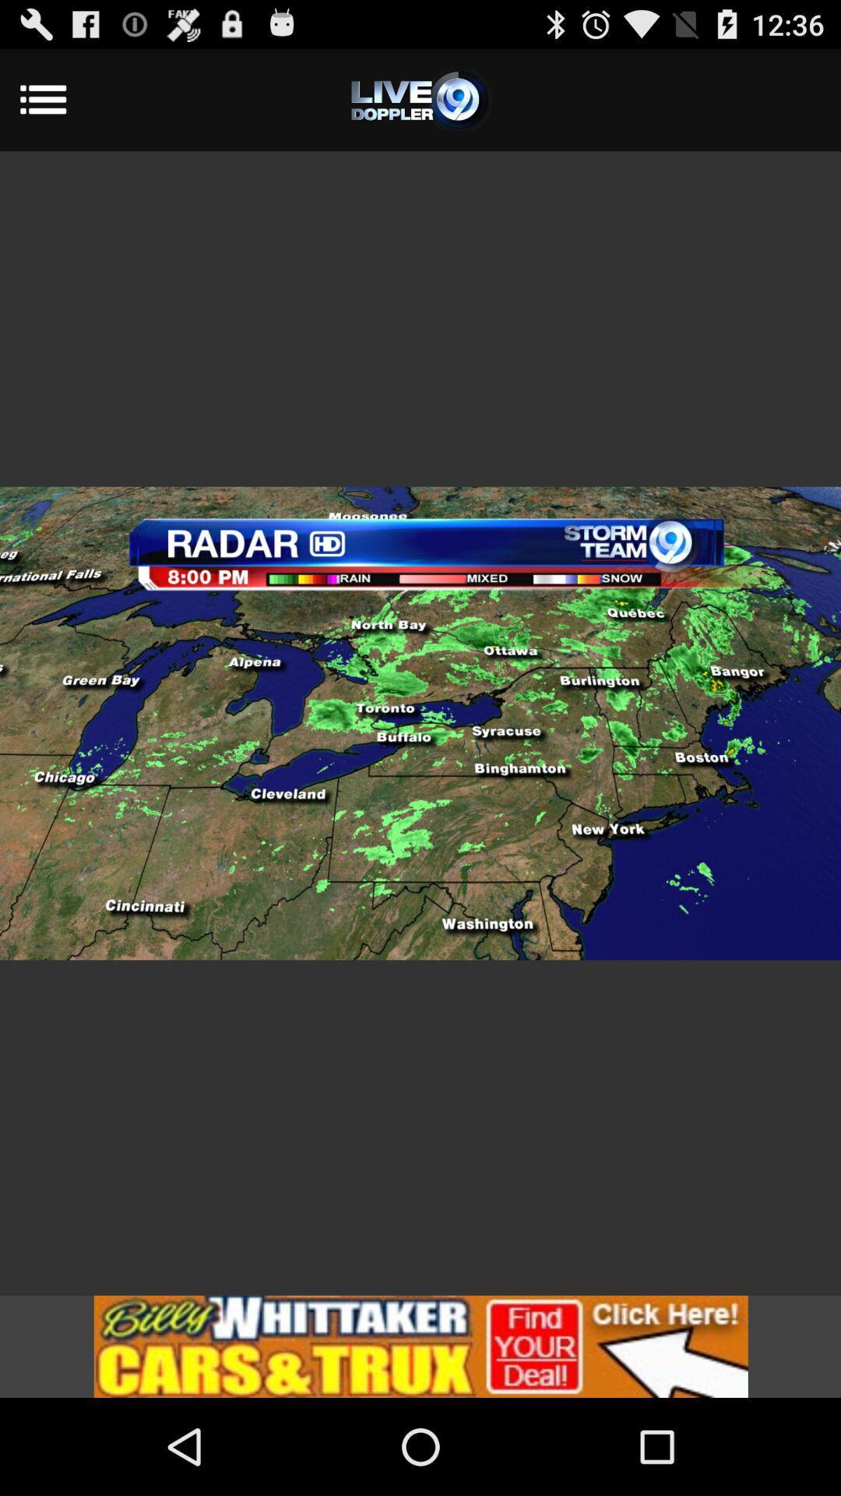  Describe the element at coordinates (420, 722) in the screenshot. I see `expands the image` at that location.